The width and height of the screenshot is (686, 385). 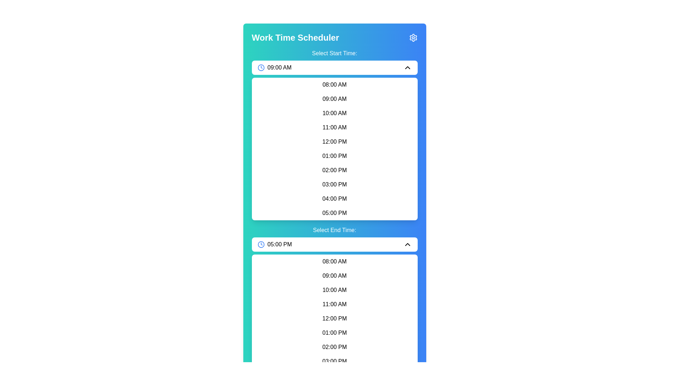 What do you see at coordinates (407, 244) in the screenshot?
I see `the icon located in the bottom section of the interface to the right of '05:00 PM'` at bounding box center [407, 244].